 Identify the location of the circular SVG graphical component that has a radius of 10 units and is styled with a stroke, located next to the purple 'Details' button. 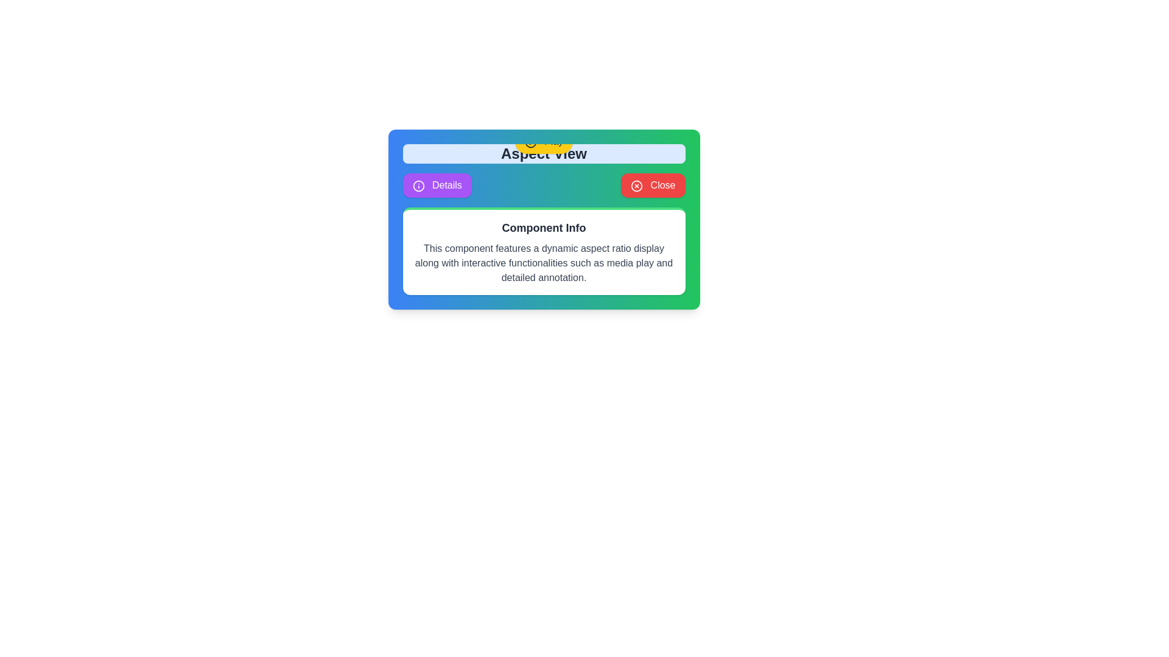
(418, 186).